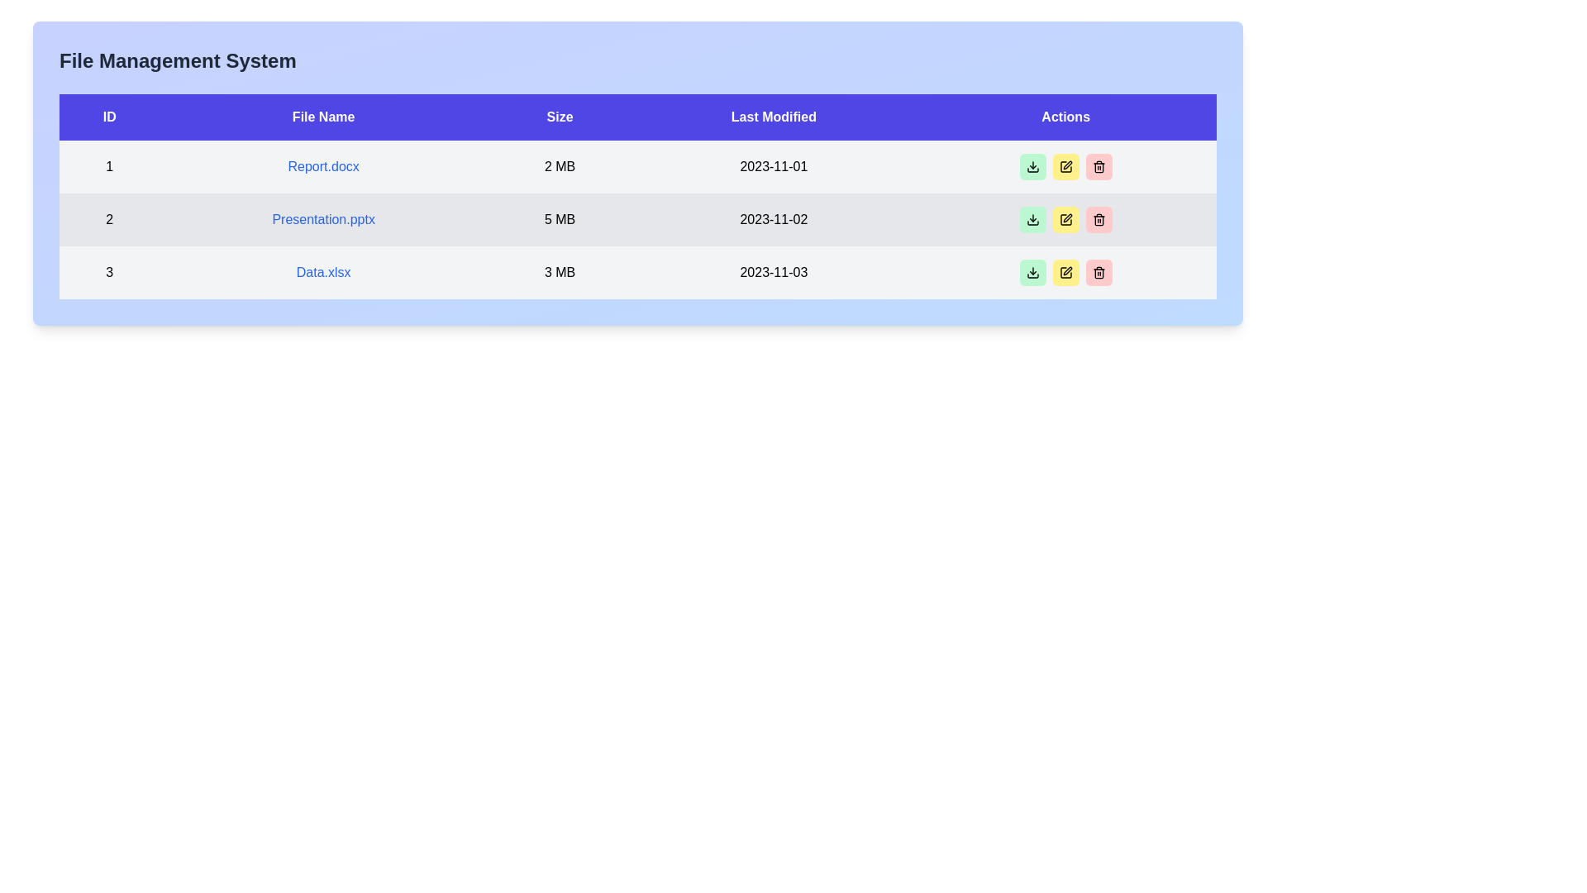 This screenshot has height=893, width=1587. Describe the element at coordinates (178, 60) in the screenshot. I see `the header text 'File Management System' displayed prominently at the top left of the interface` at that location.